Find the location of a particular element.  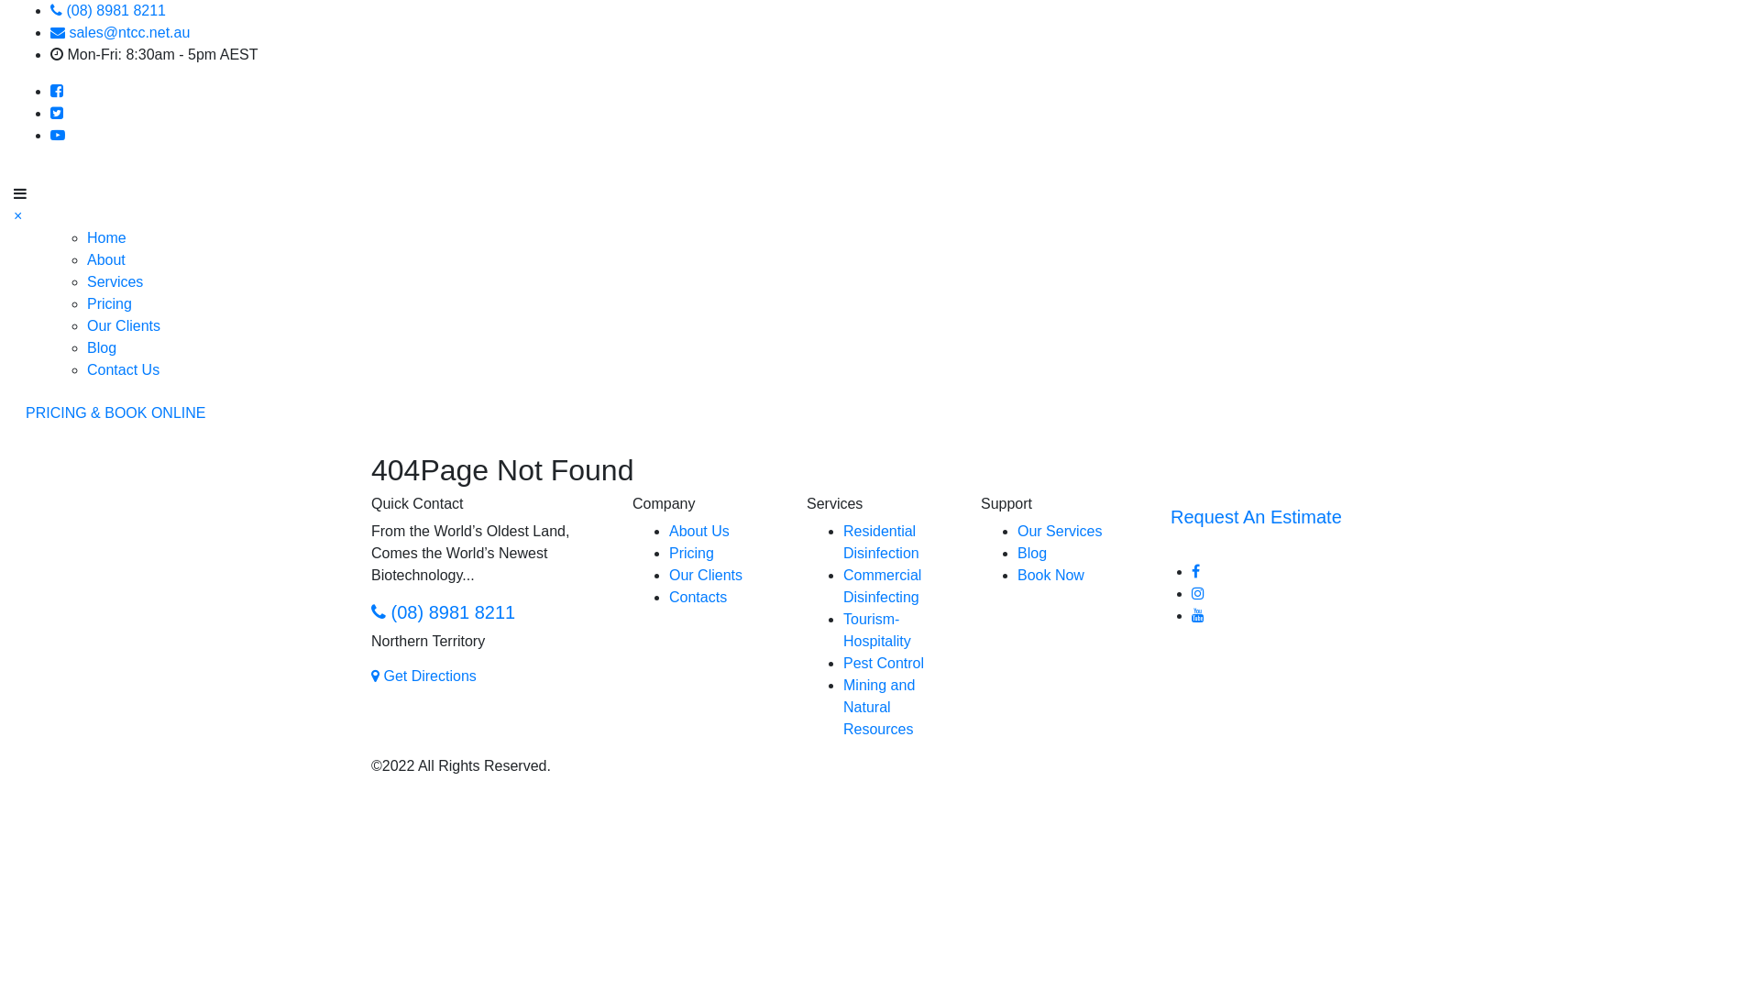

'Our Services' is located at coordinates (1060, 531).